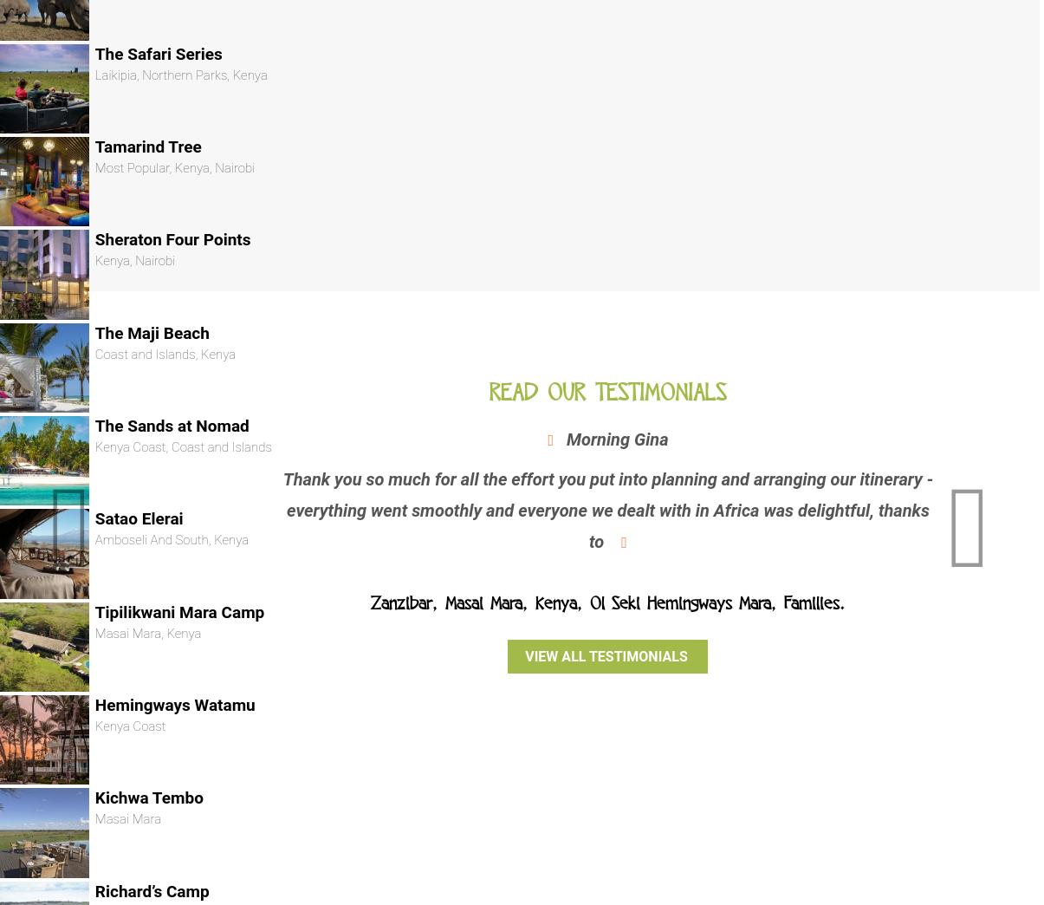  I want to click on 'View all testimonials', so click(606, 655).